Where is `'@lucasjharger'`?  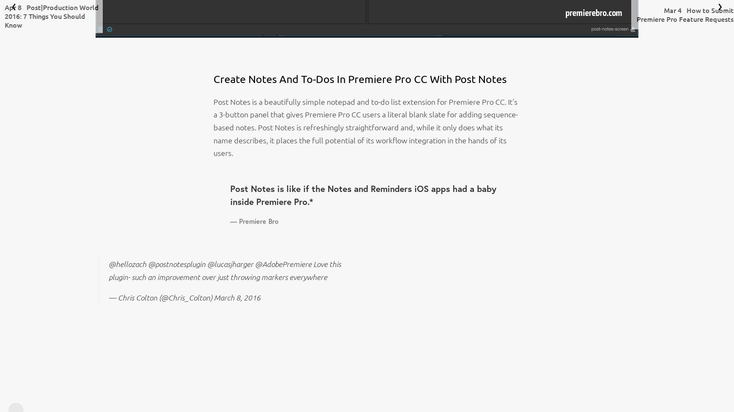
'@lucasjharger' is located at coordinates (229, 264).